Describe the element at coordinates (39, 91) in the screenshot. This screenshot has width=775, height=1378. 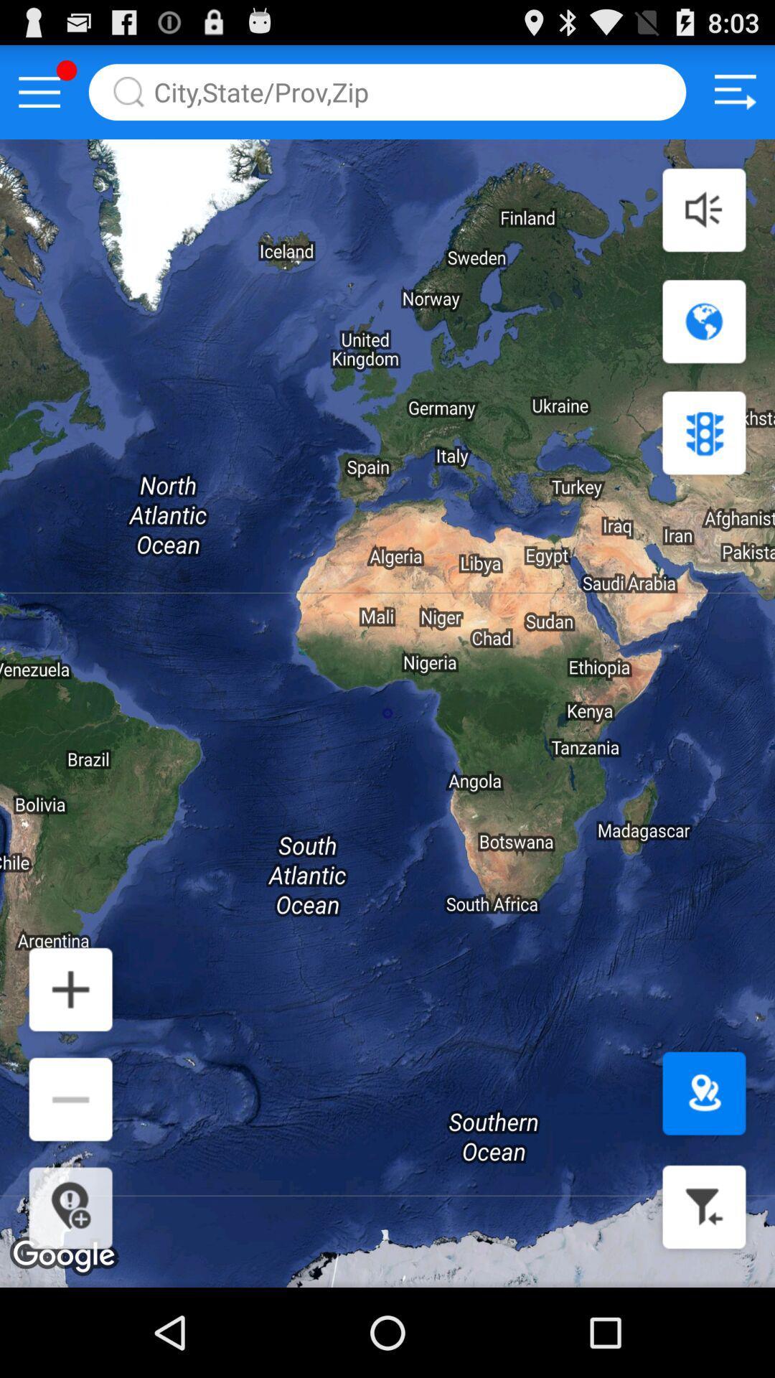
I see `options` at that location.